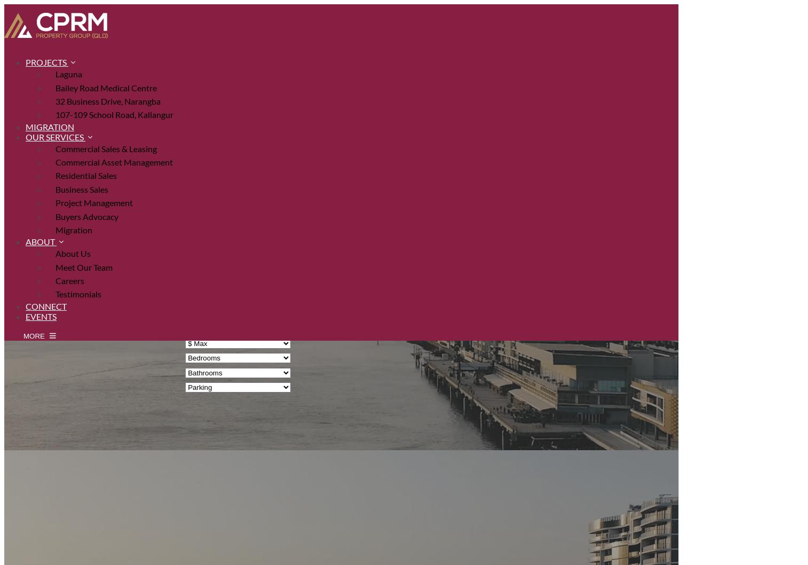 The image size is (808, 565). I want to click on 'Commercial Sales & Leasing', so click(105, 147).